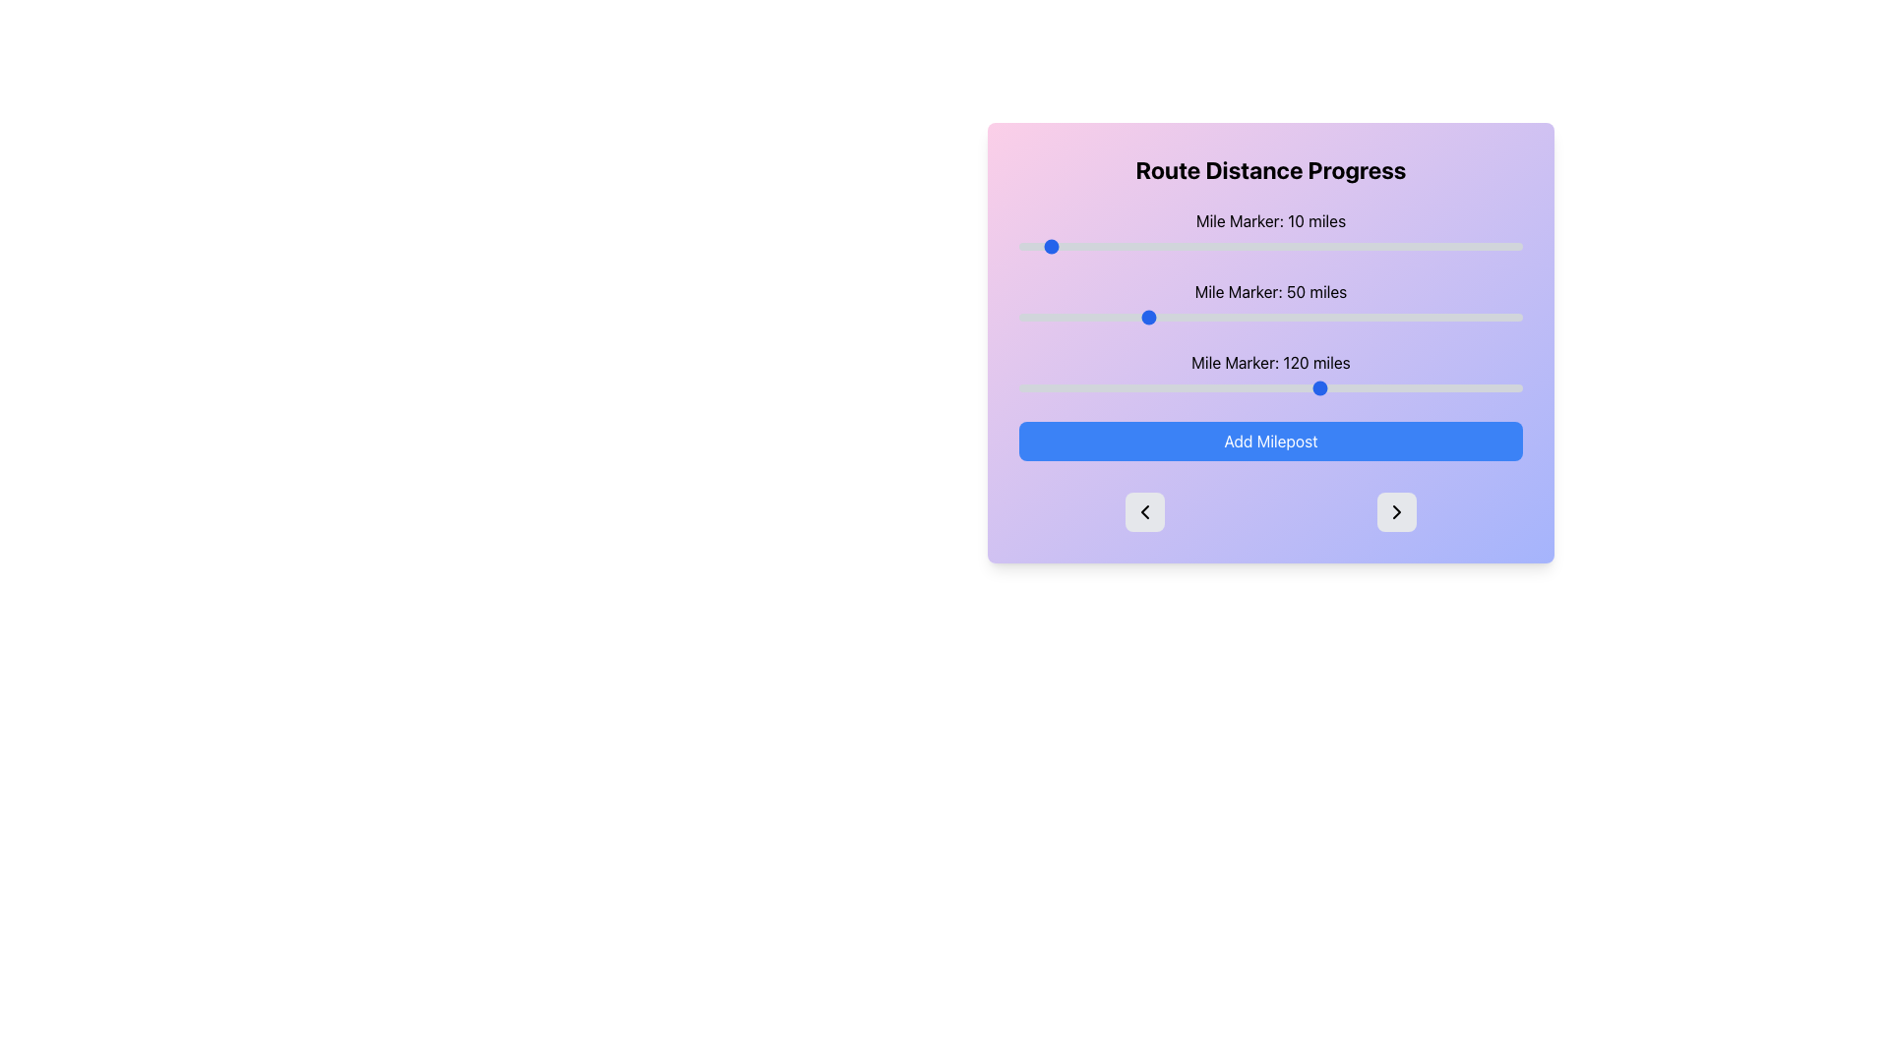  I want to click on the mile marker, so click(1041, 317).